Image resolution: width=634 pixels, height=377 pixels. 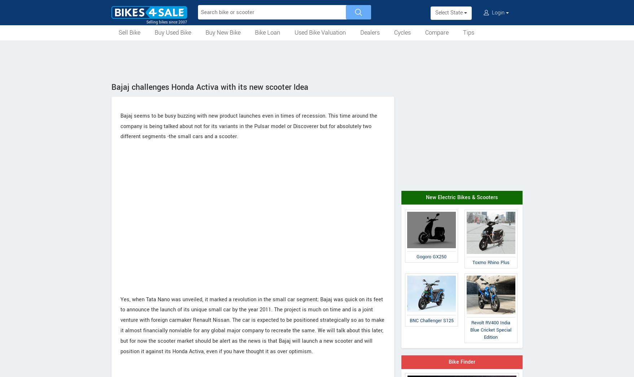 I want to click on 'Sell Bike', so click(x=129, y=32).